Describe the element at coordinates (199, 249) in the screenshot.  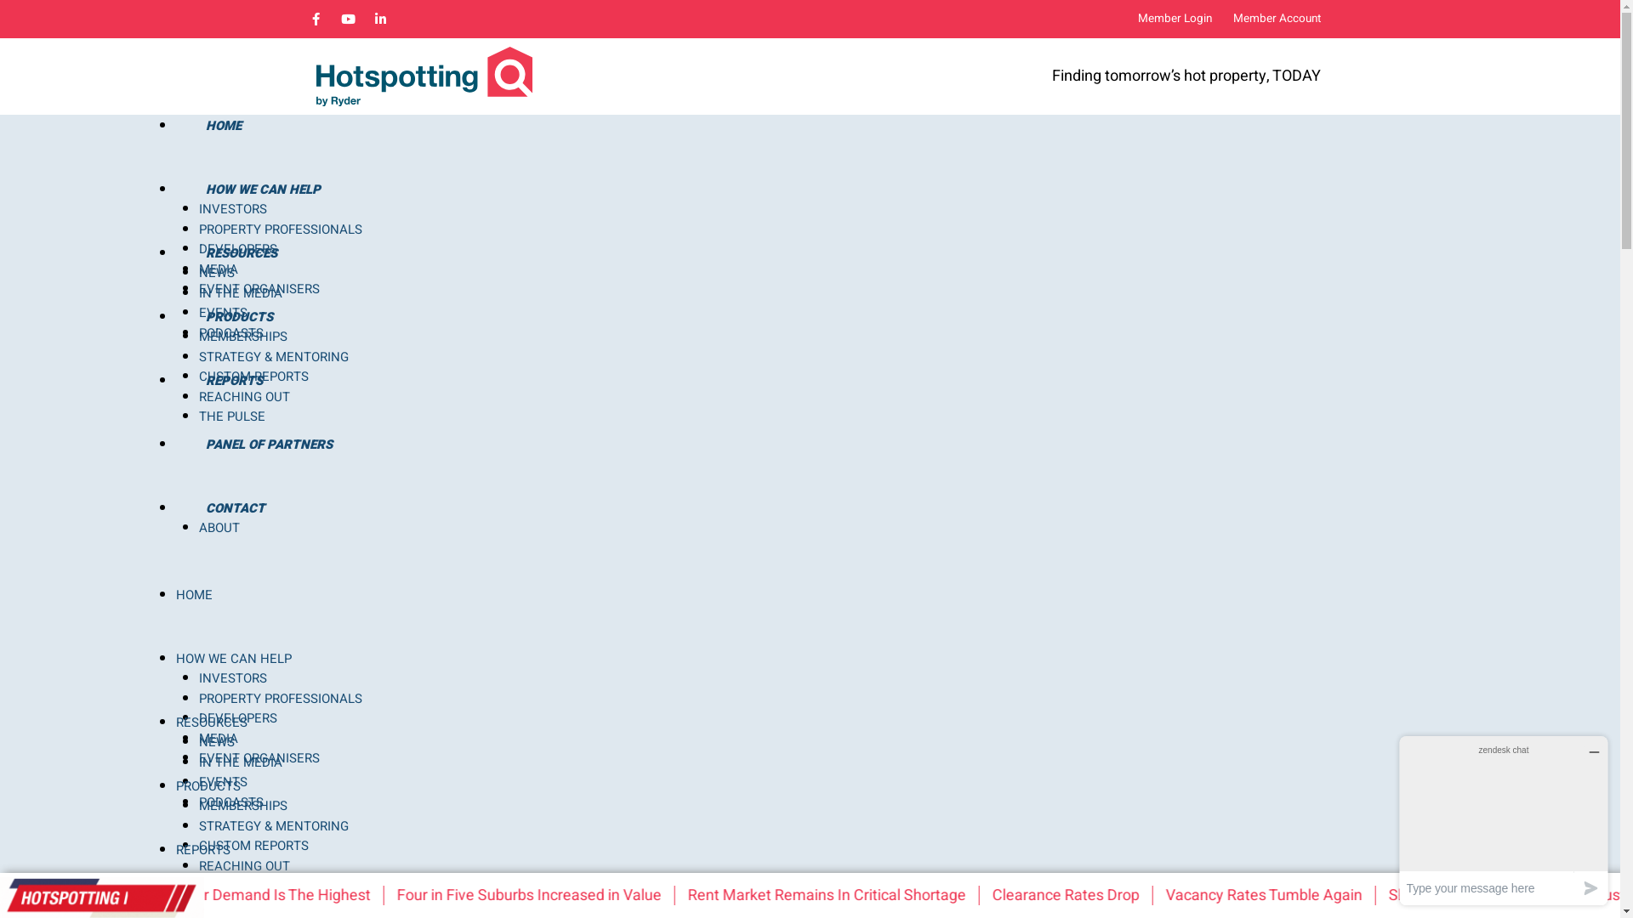
I see `'DEVELOPERS'` at that location.